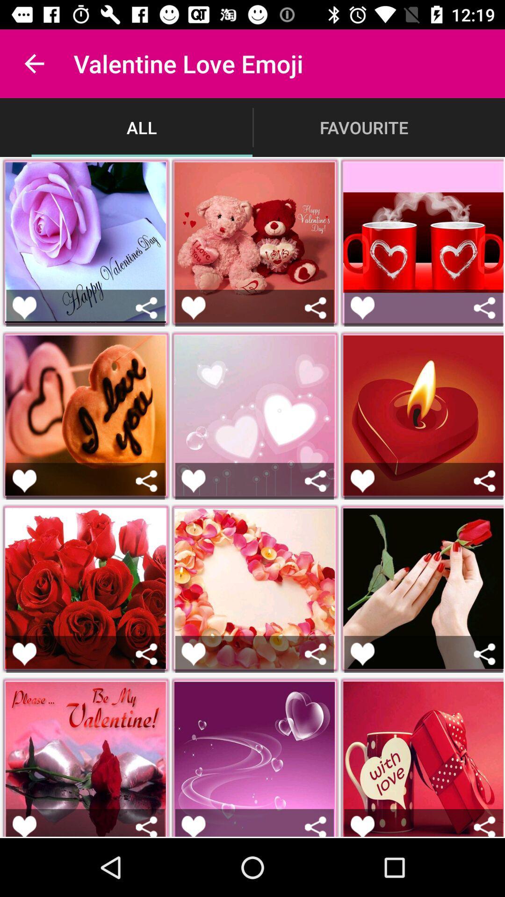  I want to click on share with love mug, so click(484, 826).